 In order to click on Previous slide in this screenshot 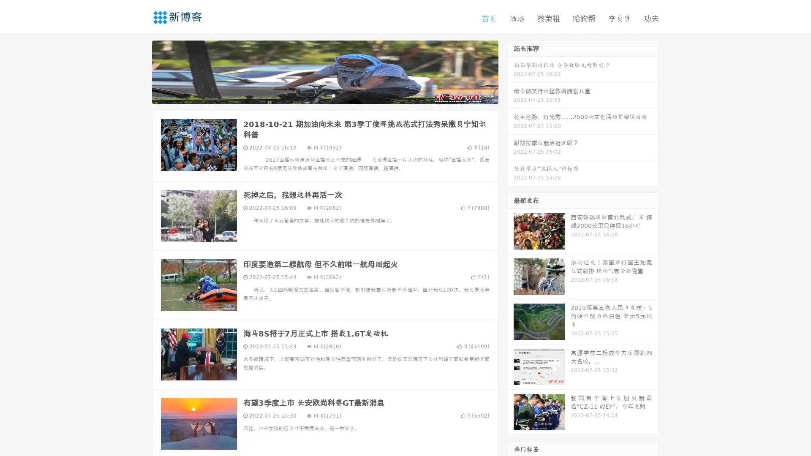, I will do `click(139, 71)`.